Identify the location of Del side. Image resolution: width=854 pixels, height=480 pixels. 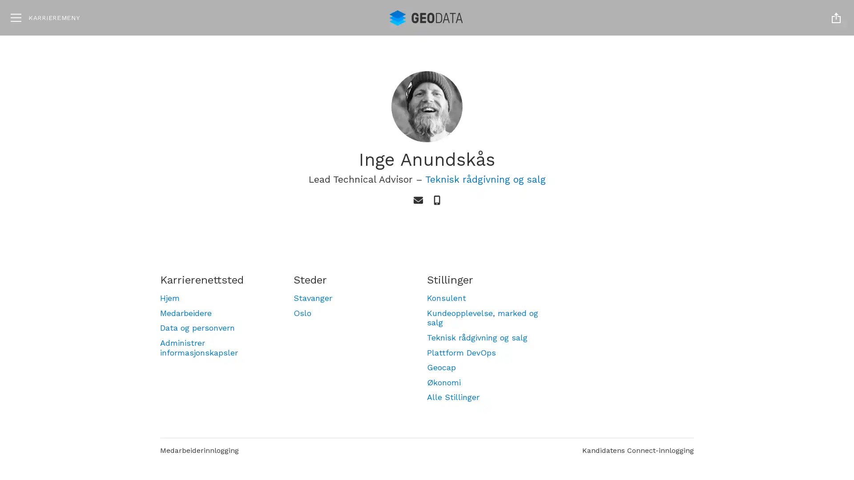
(836, 17).